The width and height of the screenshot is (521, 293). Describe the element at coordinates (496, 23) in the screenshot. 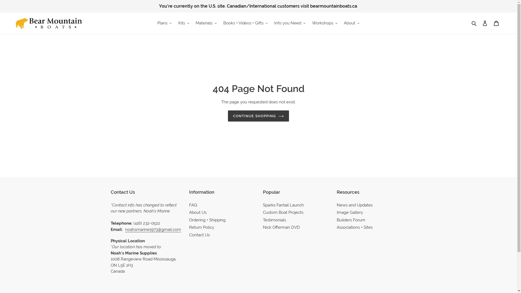

I see `'Cart'` at that location.